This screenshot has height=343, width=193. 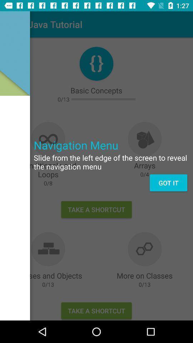 I want to click on icon below slide from the, so click(x=168, y=182).